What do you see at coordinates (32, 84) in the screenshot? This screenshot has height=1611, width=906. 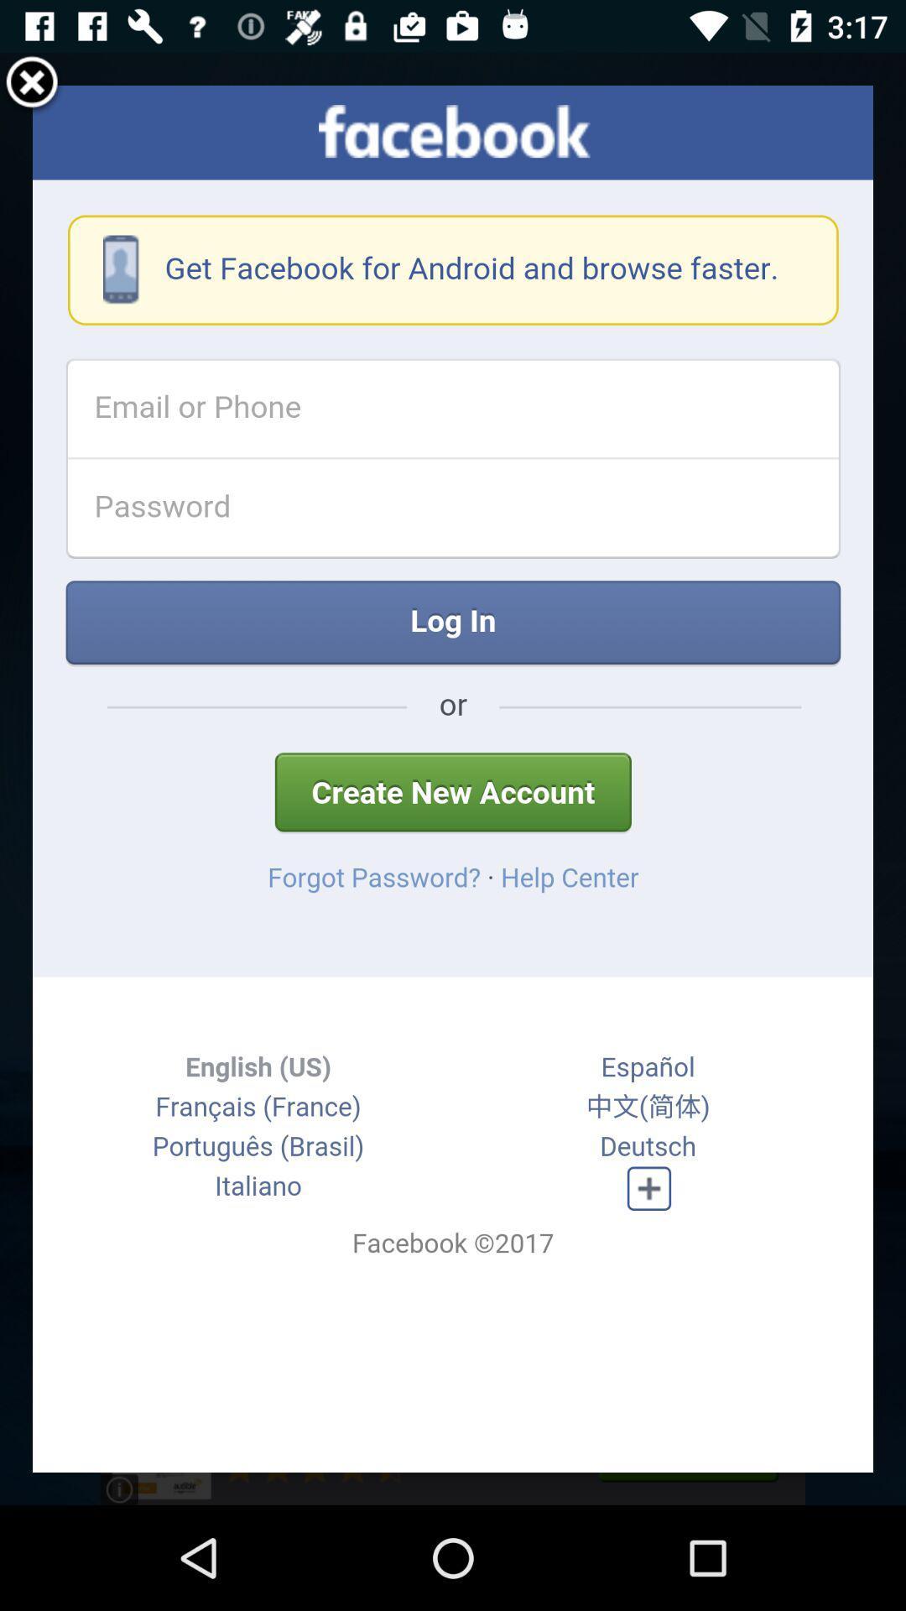 I see `the item at the top left corner` at bounding box center [32, 84].